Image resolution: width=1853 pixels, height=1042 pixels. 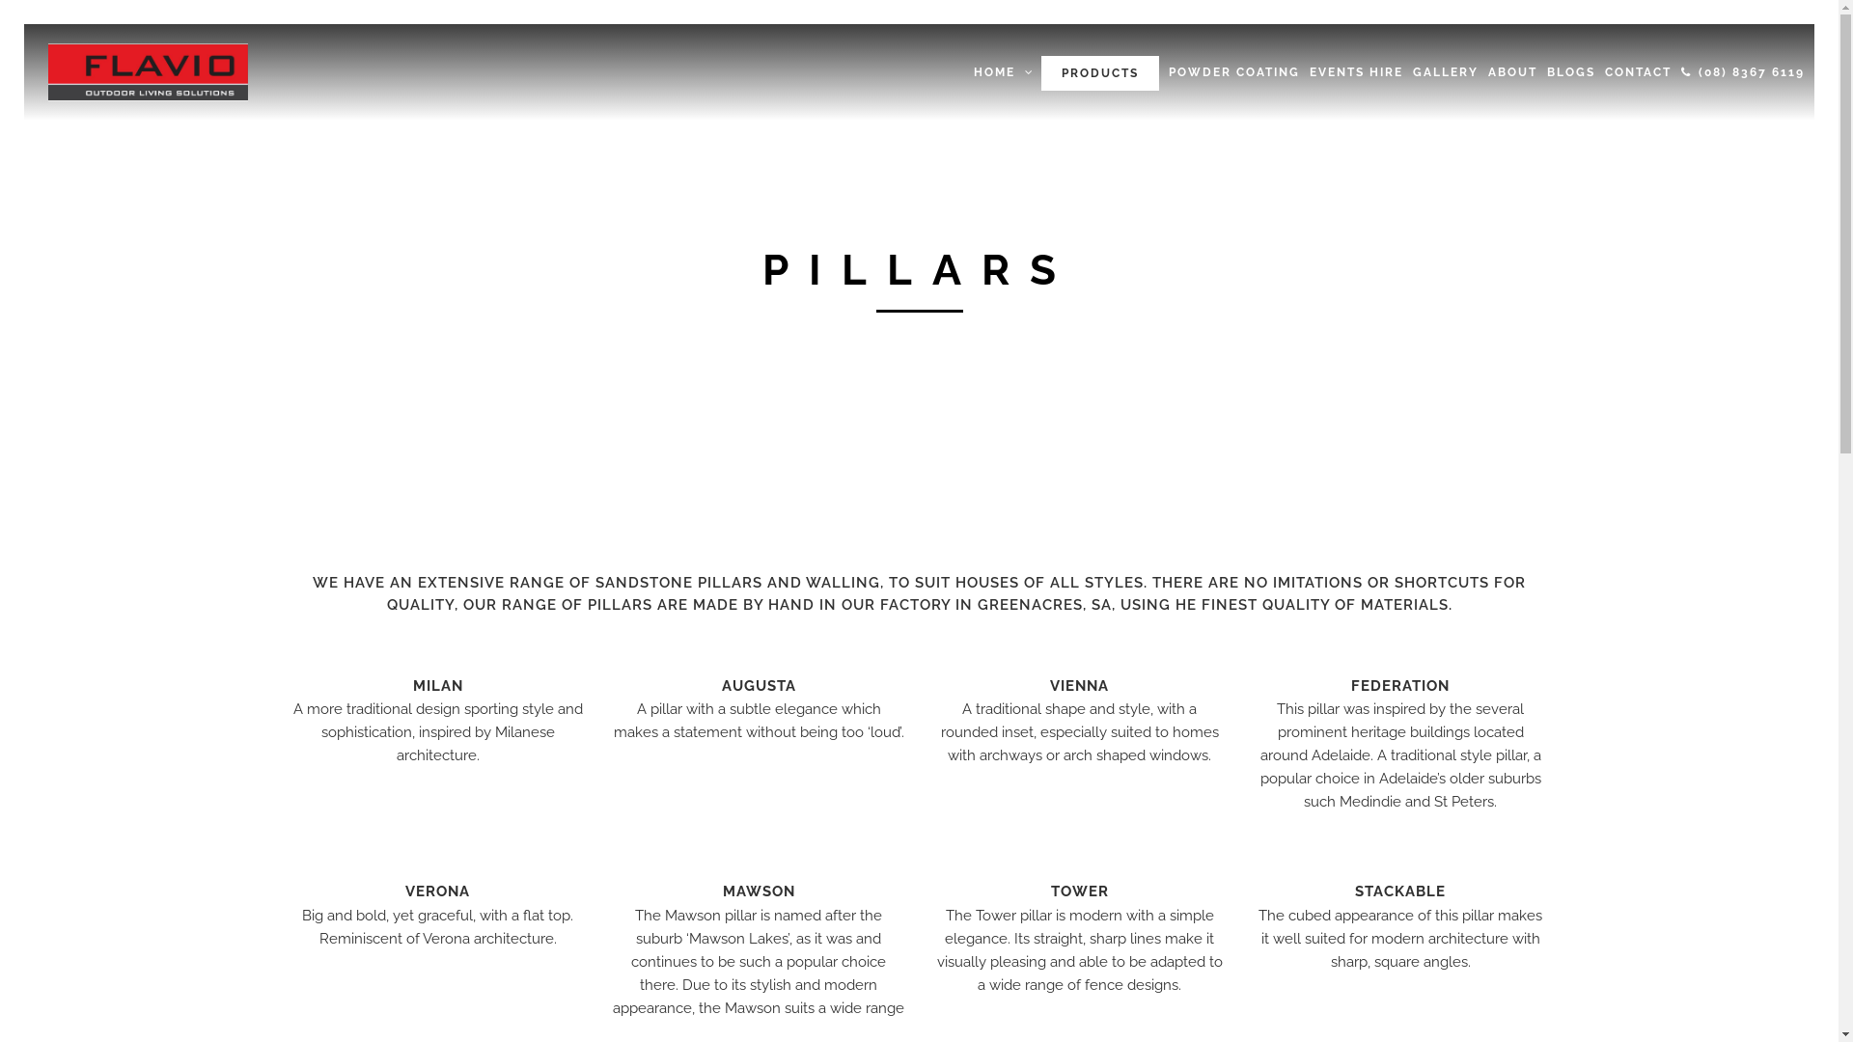 I want to click on 'GALLERY', so click(x=1445, y=70).